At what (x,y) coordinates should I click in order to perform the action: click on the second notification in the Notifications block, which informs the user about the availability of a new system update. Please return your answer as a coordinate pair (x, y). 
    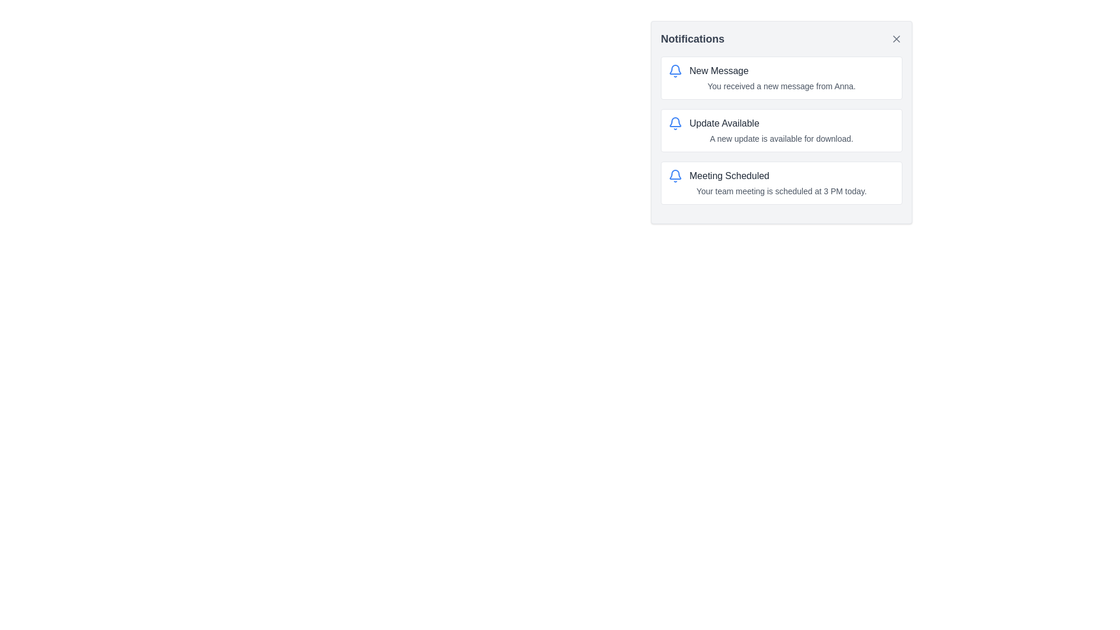
    Looking at the image, I should click on (781, 130).